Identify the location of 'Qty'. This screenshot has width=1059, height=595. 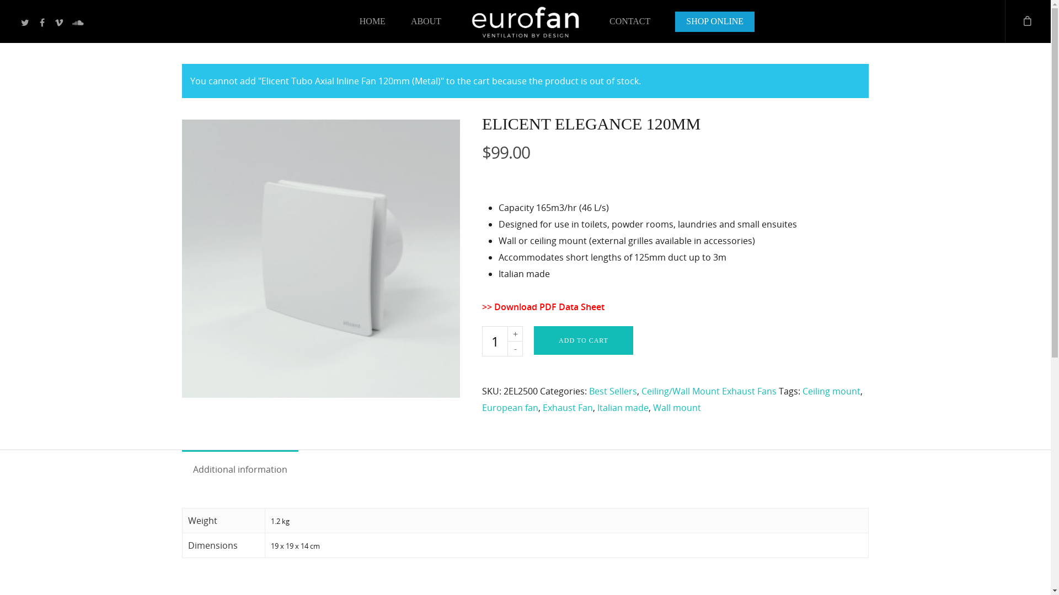
(494, 340).